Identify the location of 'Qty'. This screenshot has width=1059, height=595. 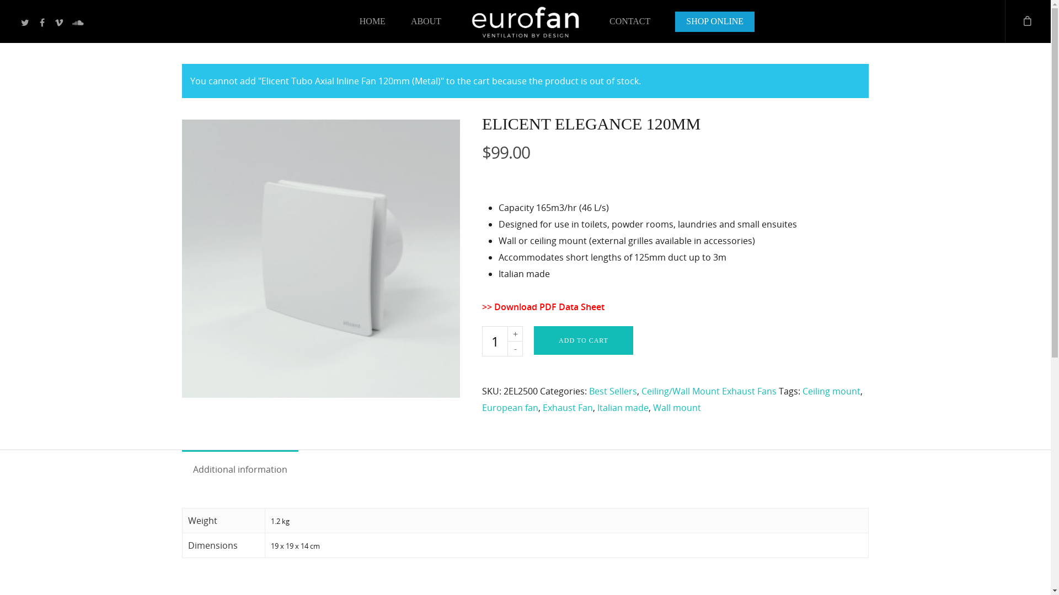
(494, 340).